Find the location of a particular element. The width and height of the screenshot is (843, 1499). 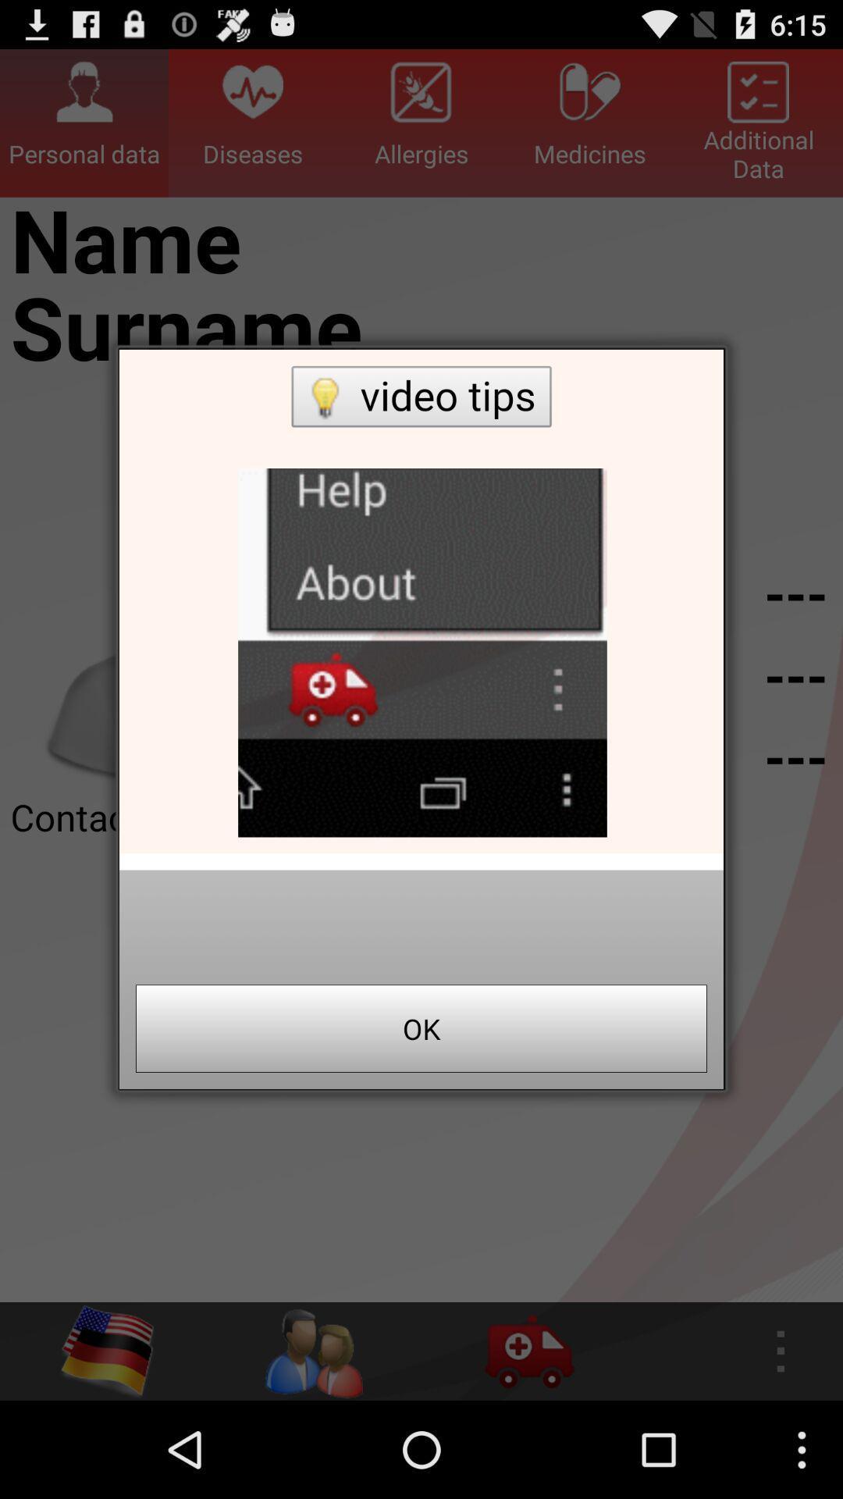

video tips is located at coordinates (421, 600).